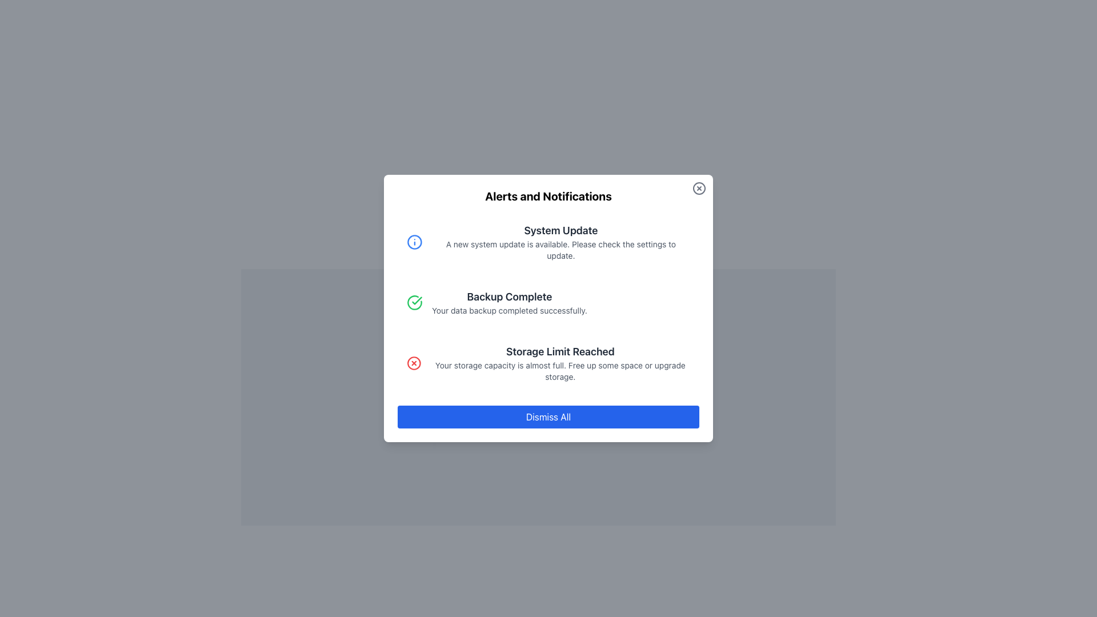  Describe the element at coordinates (548, 416) in the screenshot. I see `the 'Dismiss All' button, which is a horizontally long button with a blue background and white text, located at the bottom of the modal component` at that location.